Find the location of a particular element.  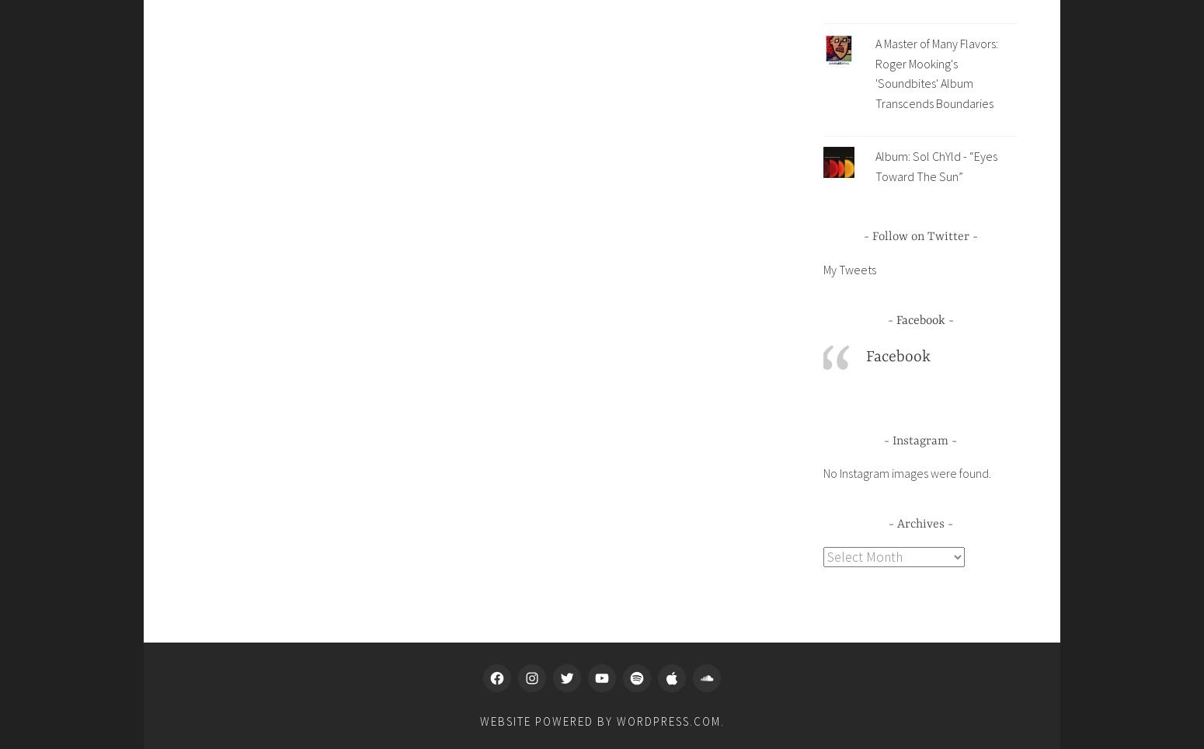

'Website Powered by WordPress.com' is located at coordinates (600, 722).